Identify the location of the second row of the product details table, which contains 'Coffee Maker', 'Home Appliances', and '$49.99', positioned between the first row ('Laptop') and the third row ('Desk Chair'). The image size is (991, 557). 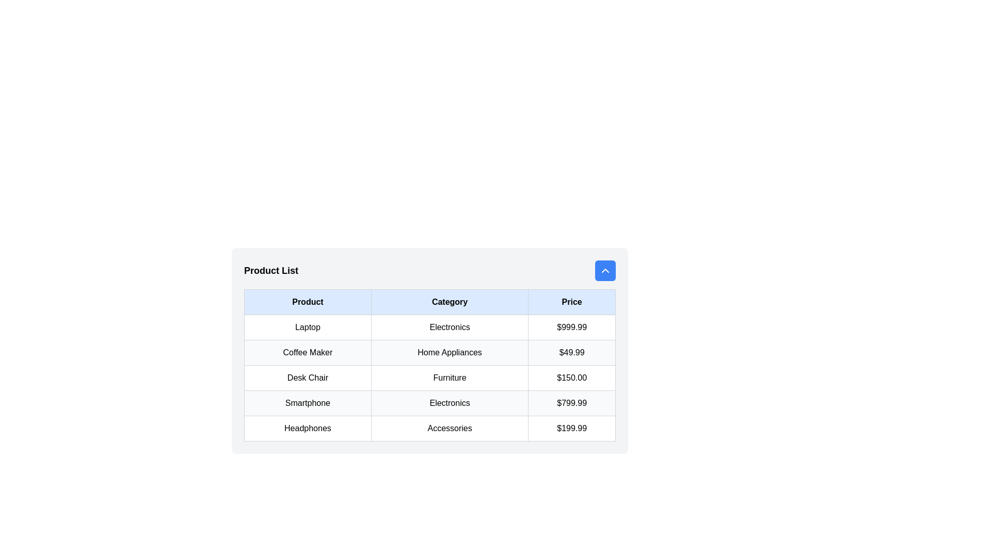
(430, 352).